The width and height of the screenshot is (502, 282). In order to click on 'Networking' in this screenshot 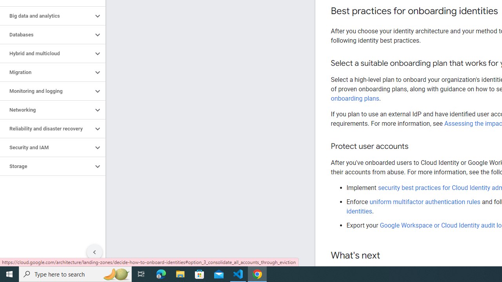, I will do `click(46, 110)`.